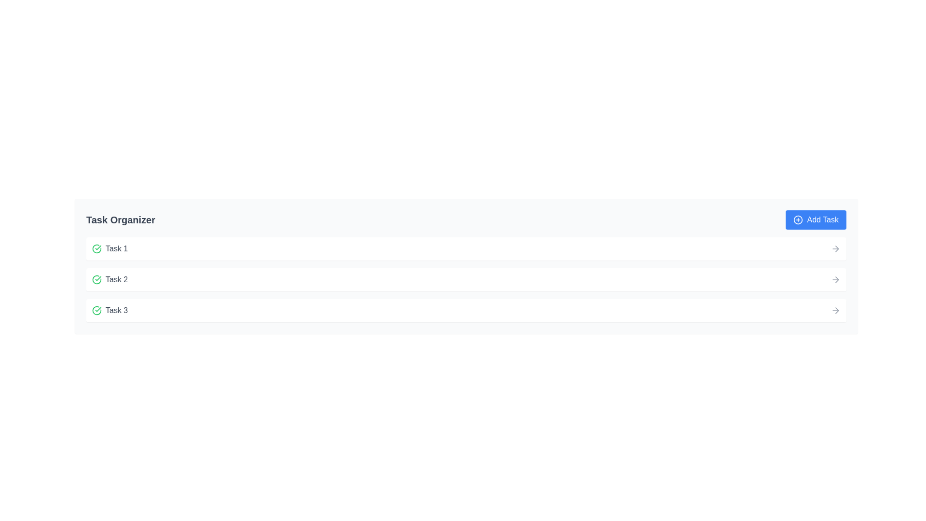 The height and width of the screenshot is (521, 926). I want to click on the text label for the first task, so click(116, 248).